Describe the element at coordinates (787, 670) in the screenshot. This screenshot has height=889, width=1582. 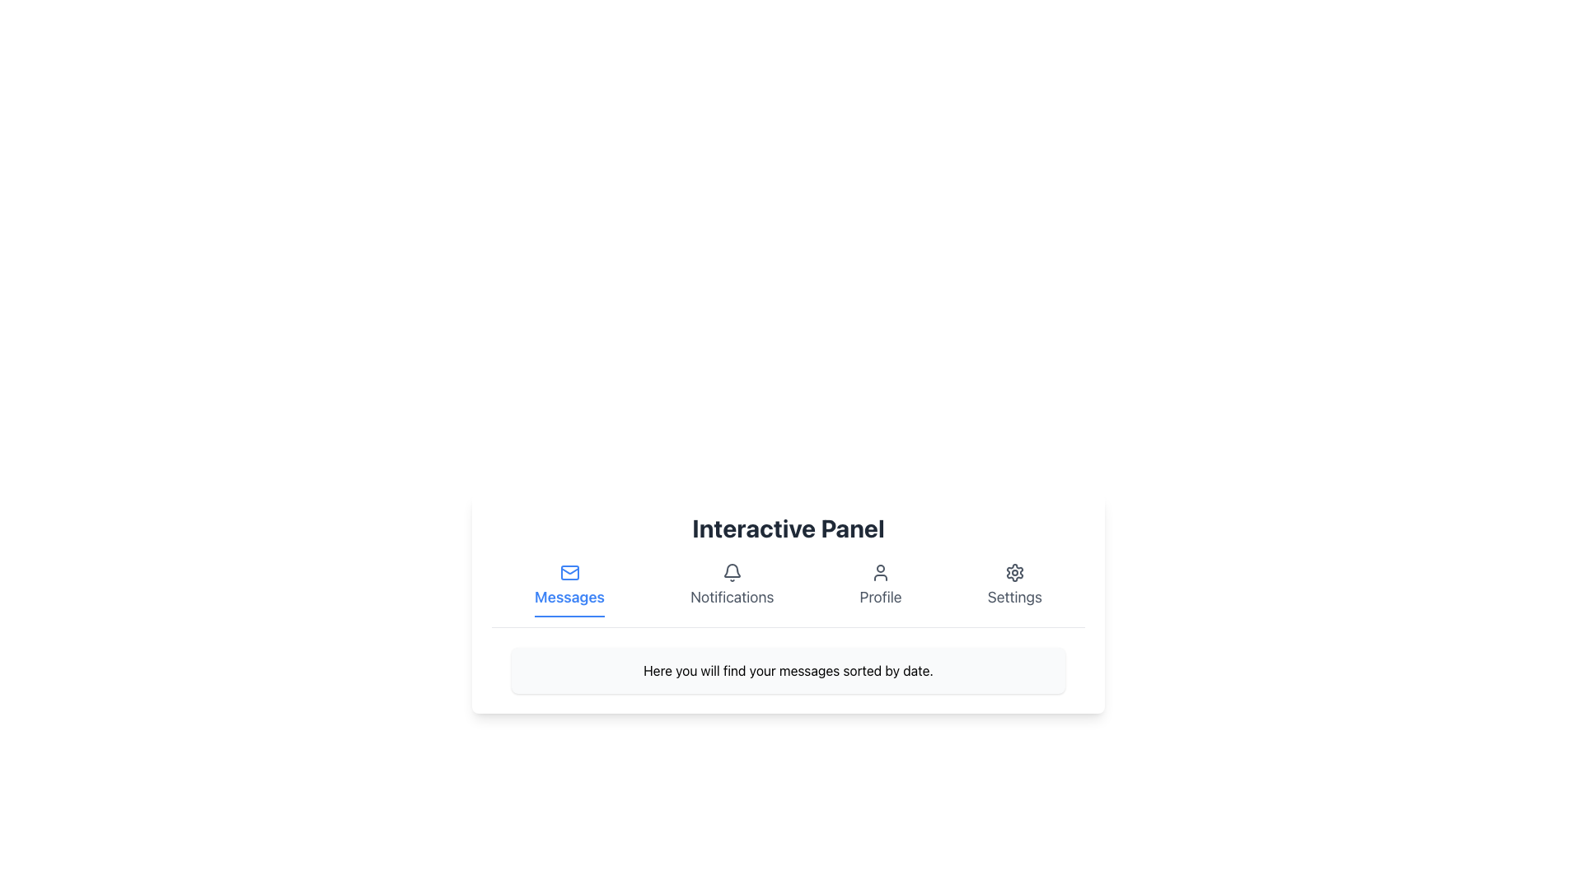
I see `the static text block that states 'Here you will find your messages sorted by date', which is located at the bottom of the 'Interactive Panel' beneath the navigation tabs` at that location.